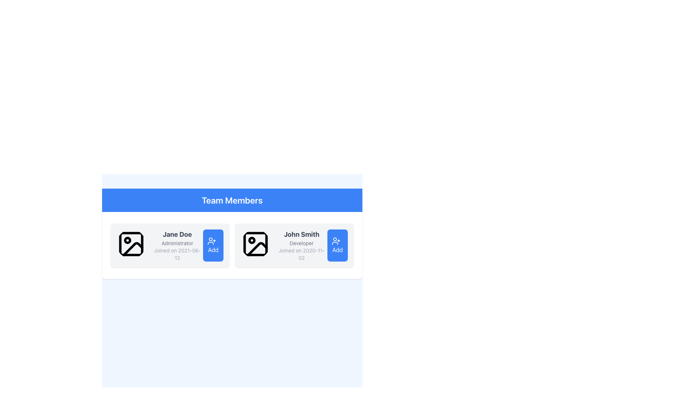 Image resolution: width=700 pixels, height=394 pixels. I want to click on the image placeholder icon in the 'John Smith' profile card, so click(255, 244).